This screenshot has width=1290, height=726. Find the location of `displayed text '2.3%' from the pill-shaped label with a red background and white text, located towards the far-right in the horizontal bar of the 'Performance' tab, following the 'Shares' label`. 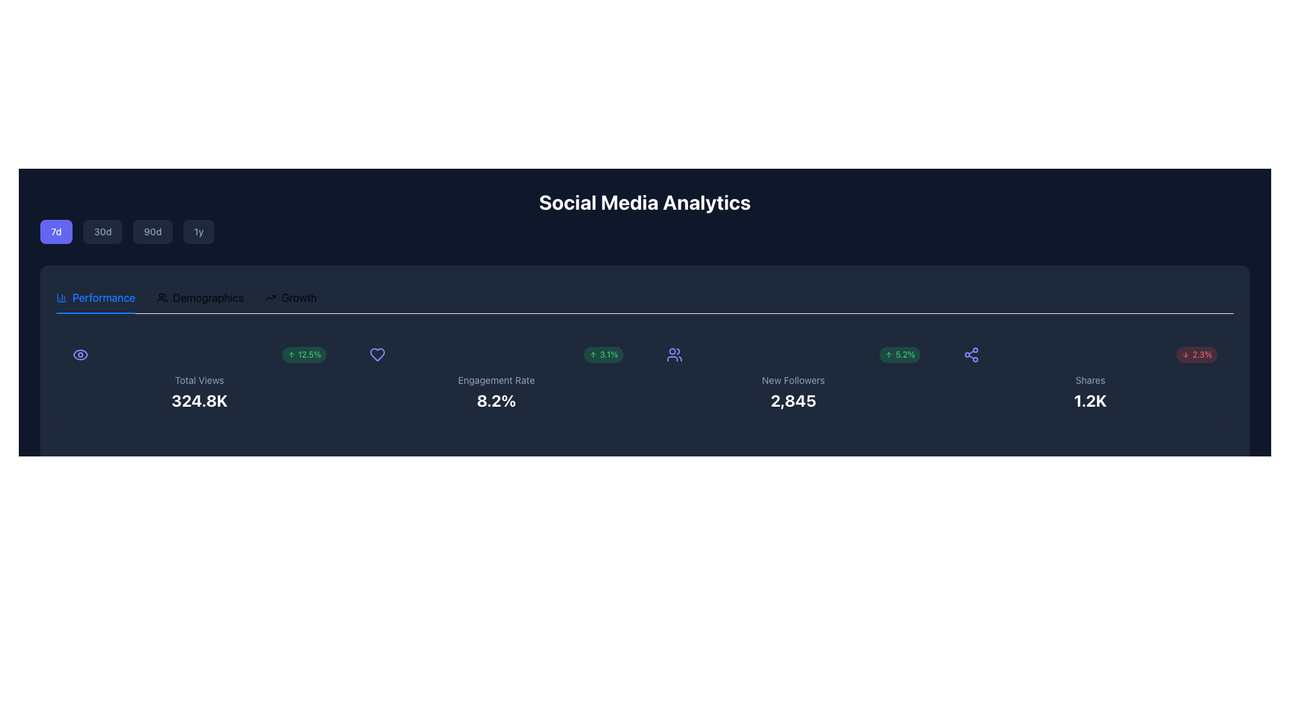

displayed text '2.3%' from the pill-shaped label with a red background and white text, located towards the far-right in the horizontal bar of the 'Performance' tab, following the 'Shares' label is located at coordinates (1197, 354).